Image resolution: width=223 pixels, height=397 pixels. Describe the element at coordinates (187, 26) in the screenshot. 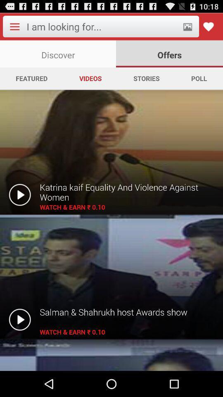

I see `search by image` at that location.